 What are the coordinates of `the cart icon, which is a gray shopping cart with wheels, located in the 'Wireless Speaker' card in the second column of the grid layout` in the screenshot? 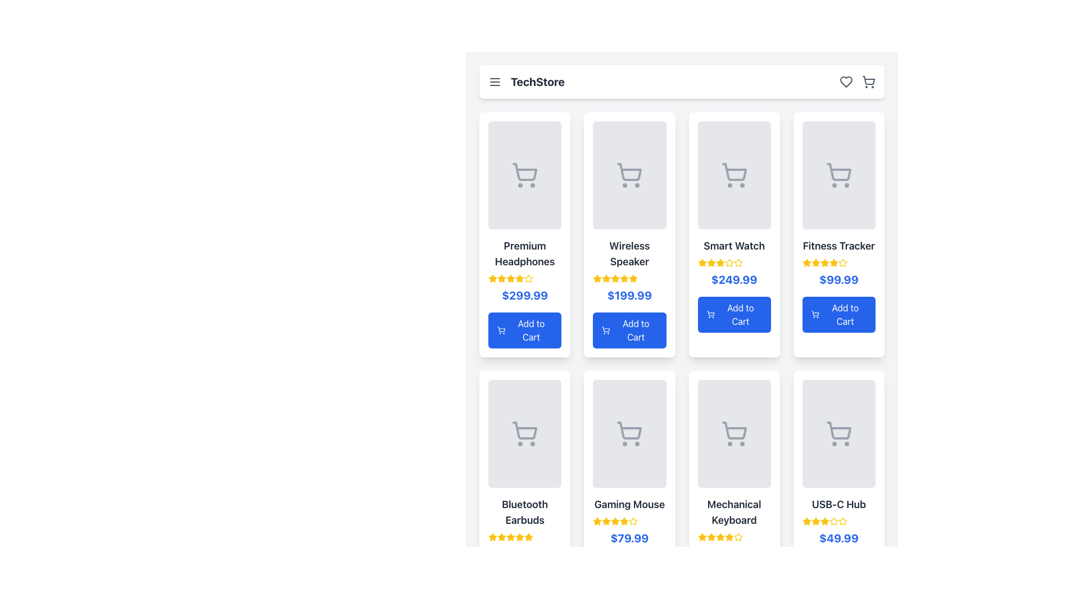 It's located at (629, 172).